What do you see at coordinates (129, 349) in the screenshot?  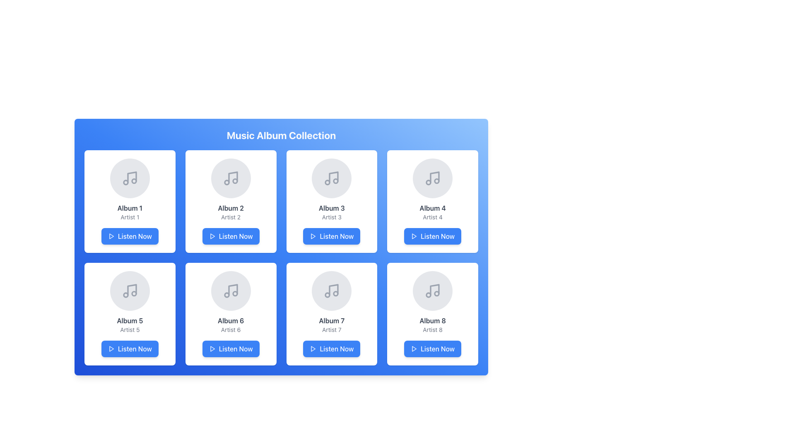 I see `the blue rectangular button labeled 'Listen Now' with a play icon` at bounding box center [129, 349].